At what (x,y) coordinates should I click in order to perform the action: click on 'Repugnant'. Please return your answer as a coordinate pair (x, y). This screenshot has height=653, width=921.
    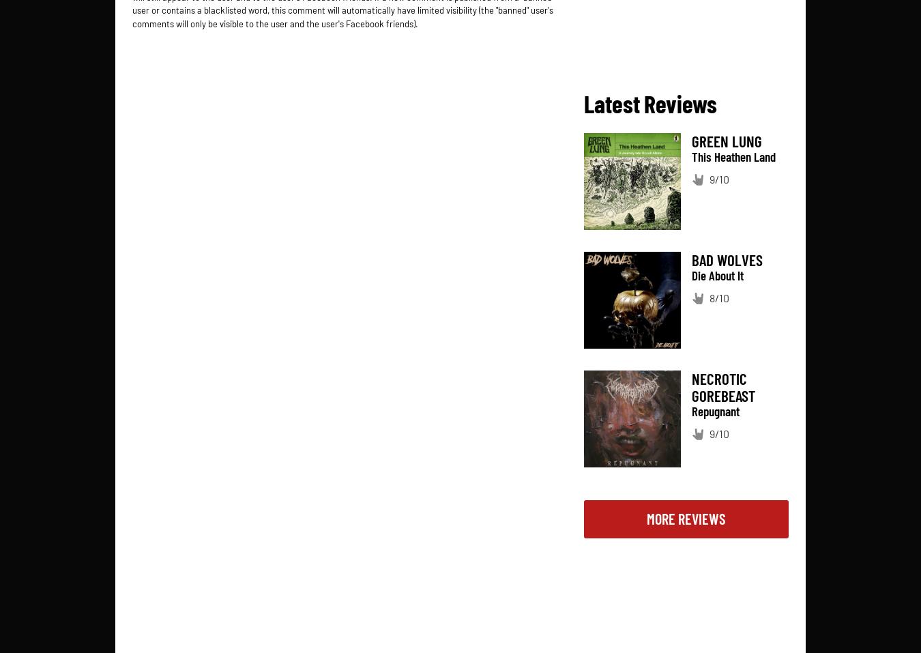
    Looking at the image, I should click on (691, 410).